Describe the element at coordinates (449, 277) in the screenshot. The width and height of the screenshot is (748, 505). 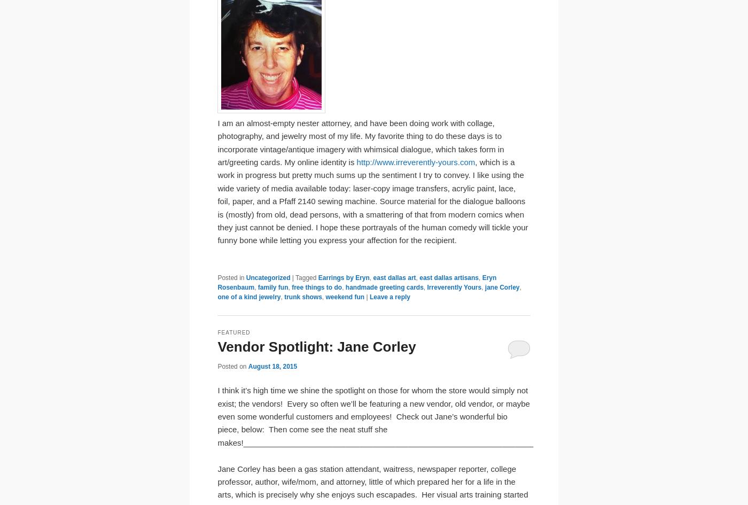
I see `'east dallas artisans'` at that location.